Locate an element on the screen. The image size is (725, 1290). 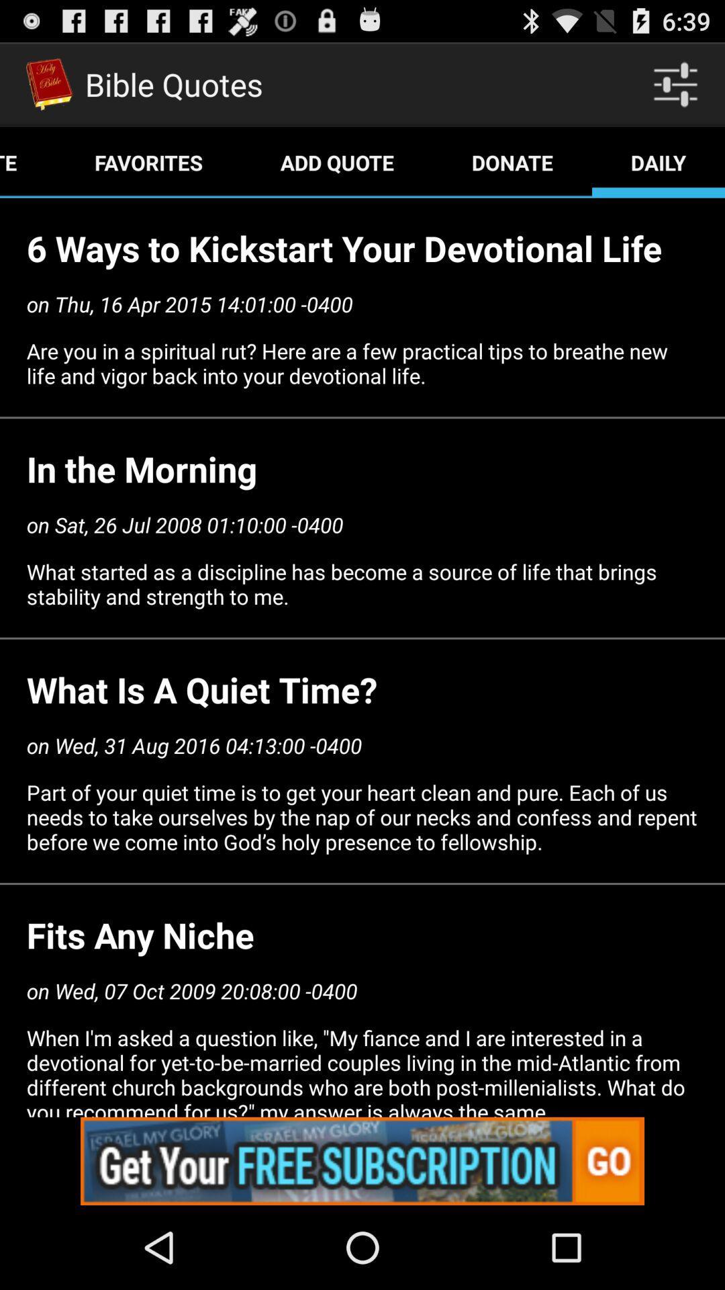
open advertisement is located at coordinates (362, 1160).